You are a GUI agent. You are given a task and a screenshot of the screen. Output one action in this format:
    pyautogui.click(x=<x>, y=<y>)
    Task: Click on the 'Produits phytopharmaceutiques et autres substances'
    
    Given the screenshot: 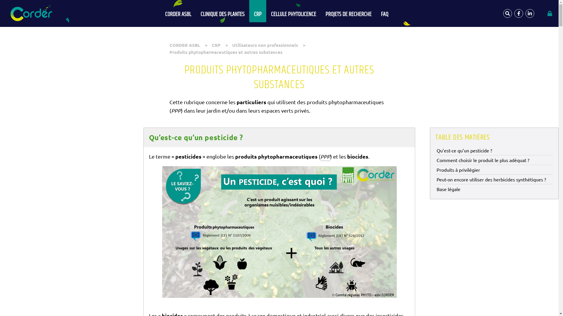 What is the action you would take?
    pyautogui.click(x=225, y=51)
    